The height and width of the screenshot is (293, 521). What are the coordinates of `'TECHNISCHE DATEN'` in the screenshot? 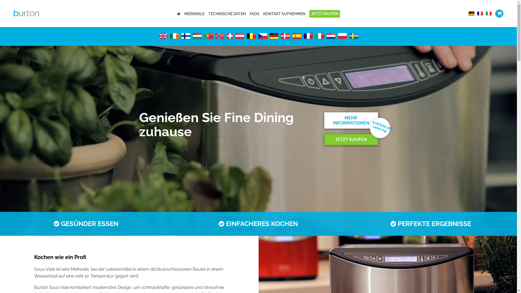 It's located at (208, 13).